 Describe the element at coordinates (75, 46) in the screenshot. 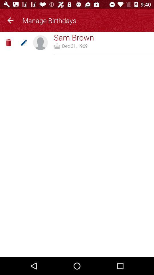

I see `icon below sam brown icon` at that location.